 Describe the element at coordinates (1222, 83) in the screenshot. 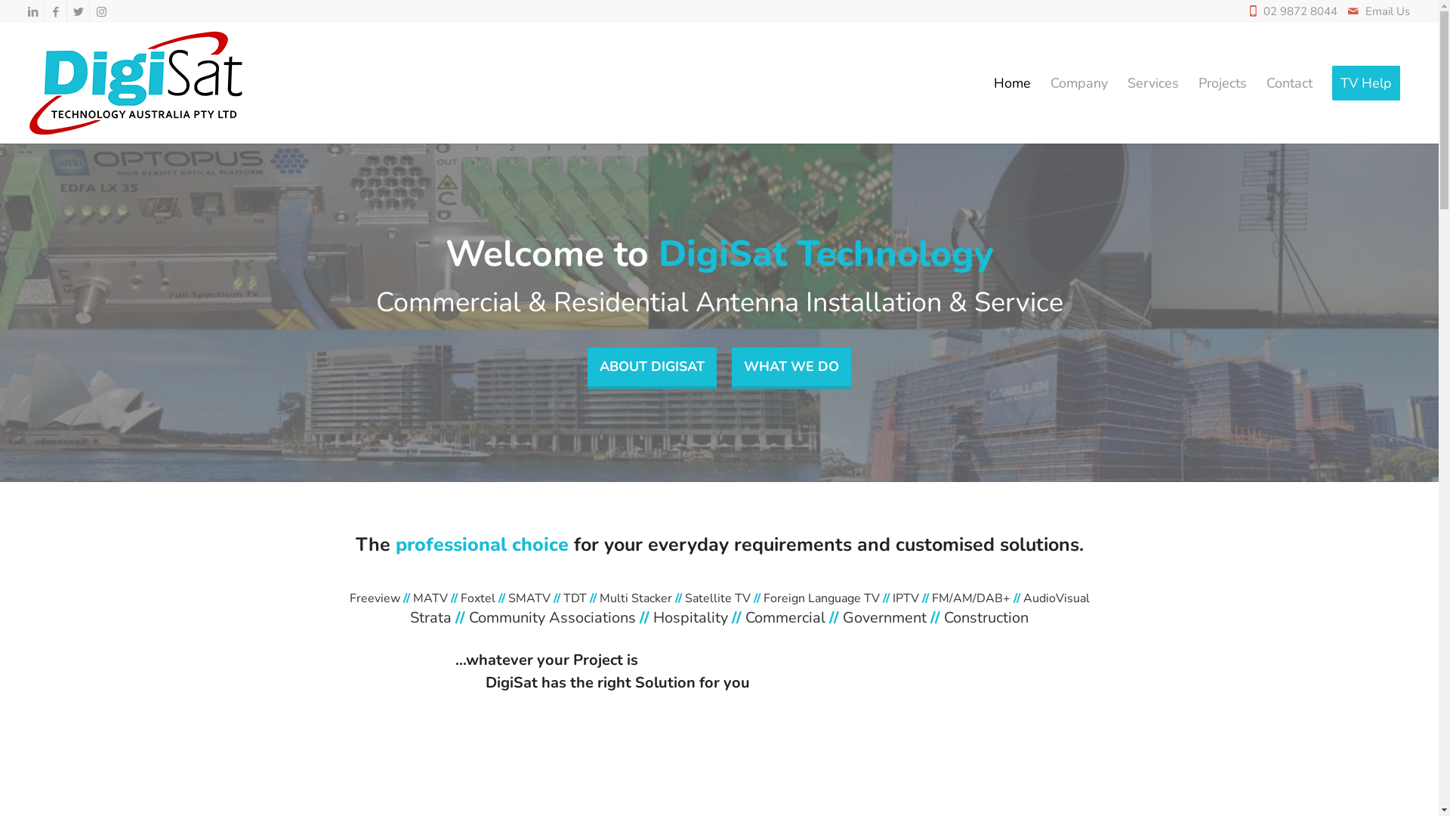

I see `'Projects'` at that location.